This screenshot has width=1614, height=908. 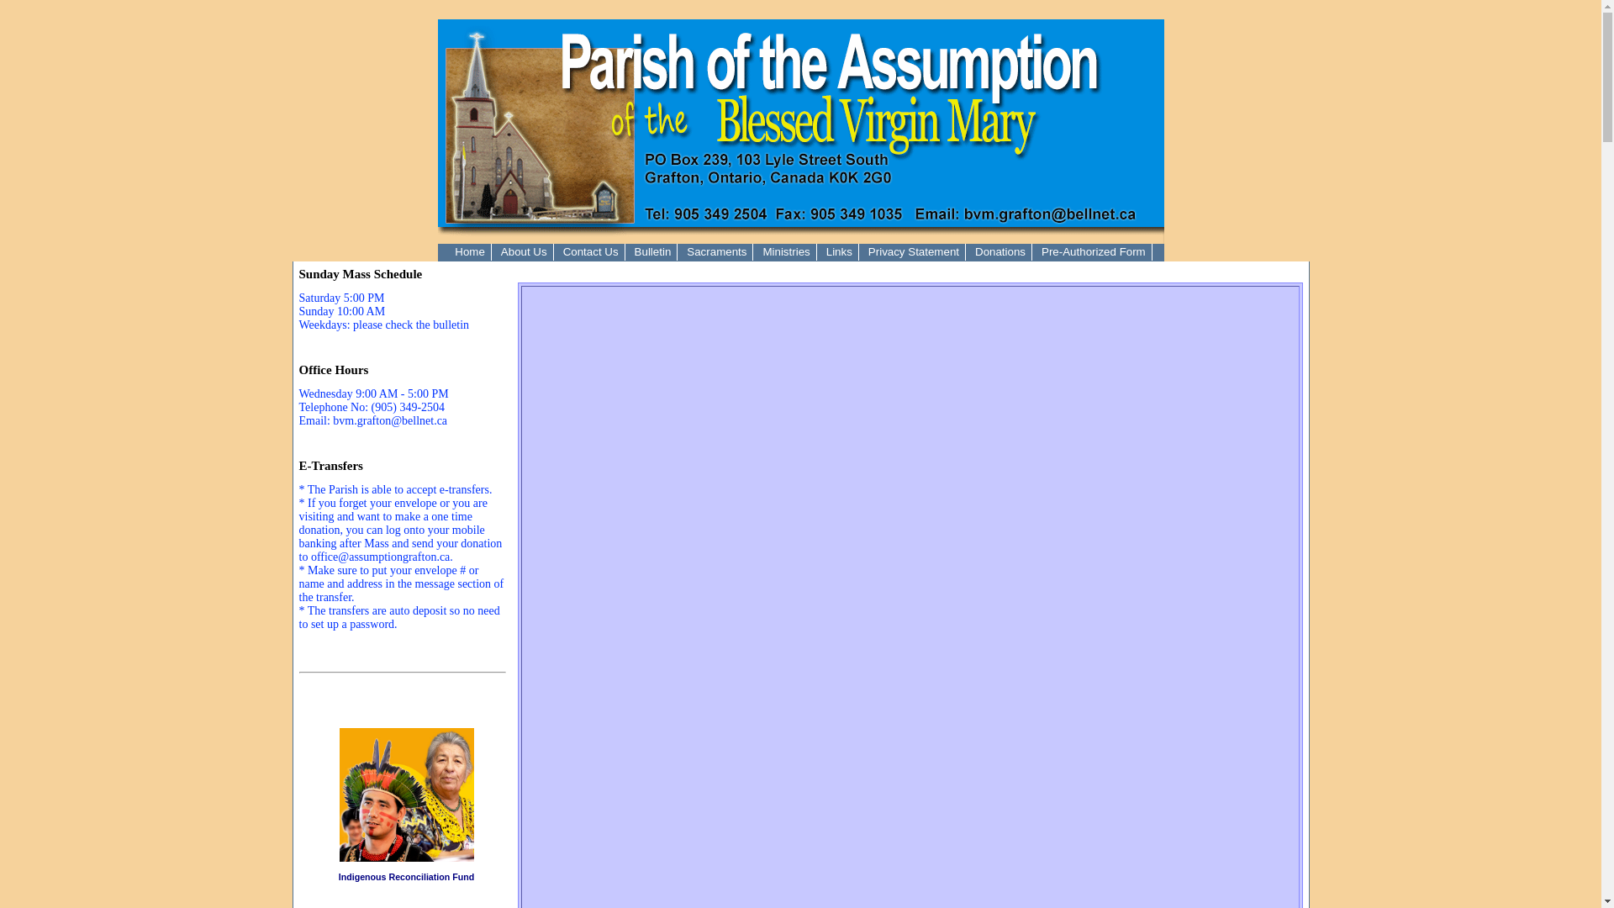 I want to click on 'Donations', so click(x=1000, y=251).